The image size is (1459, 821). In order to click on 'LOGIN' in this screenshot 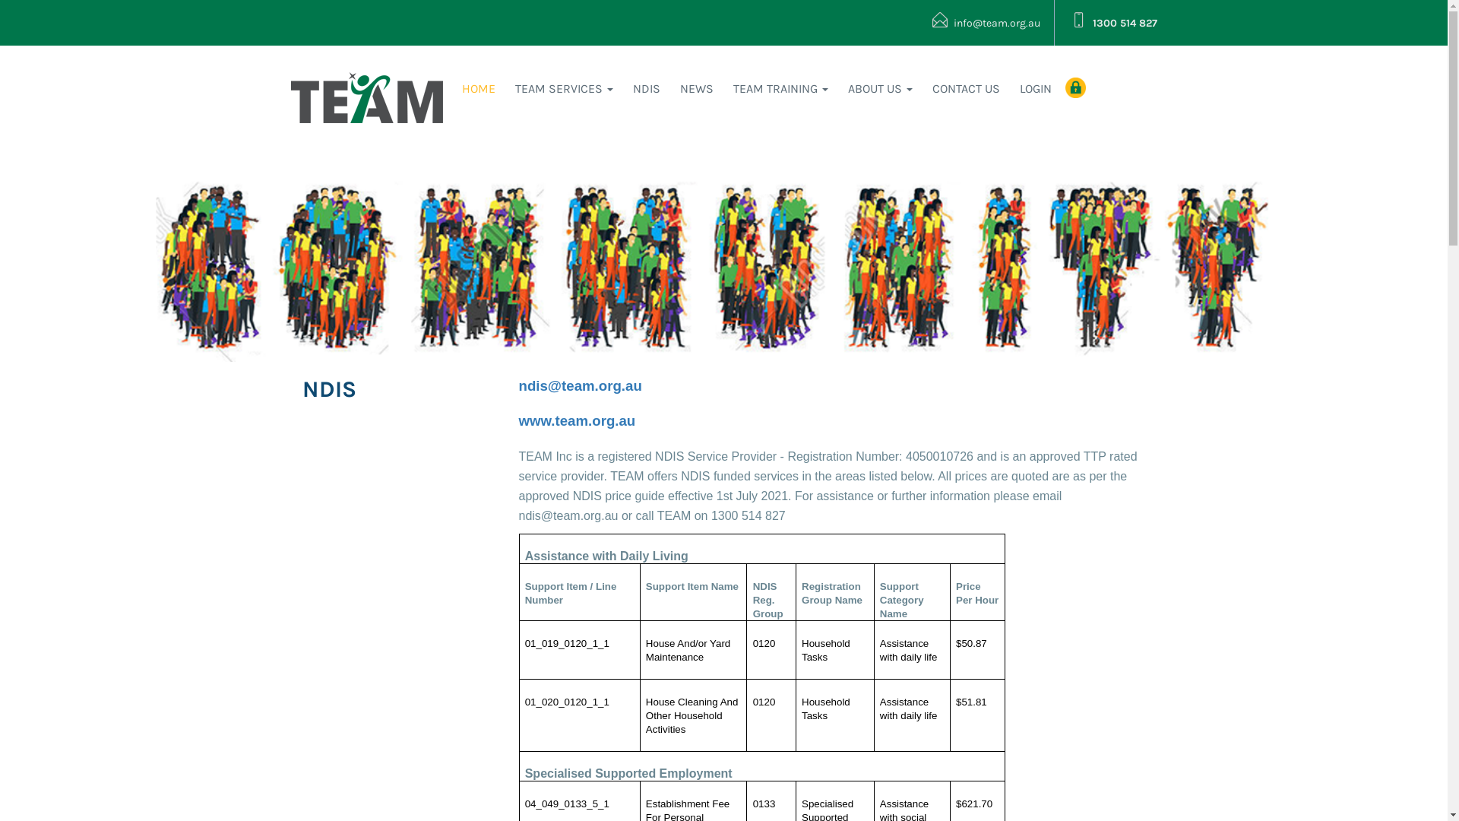, I will do `click(1035, 88)`.